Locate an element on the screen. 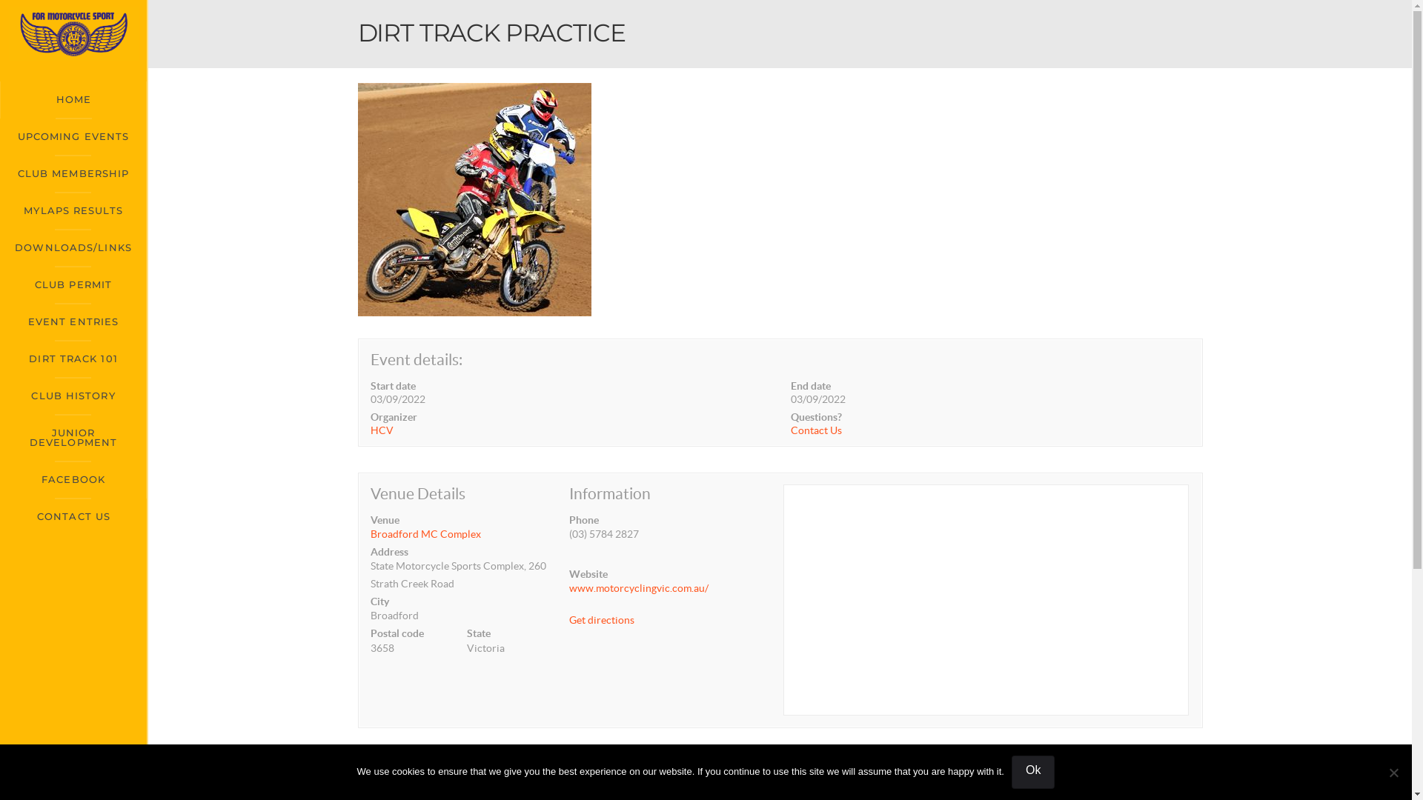 The image size is (1423, 800). 'MYLAPS RESULTS' is located at coordinates (0, 211).